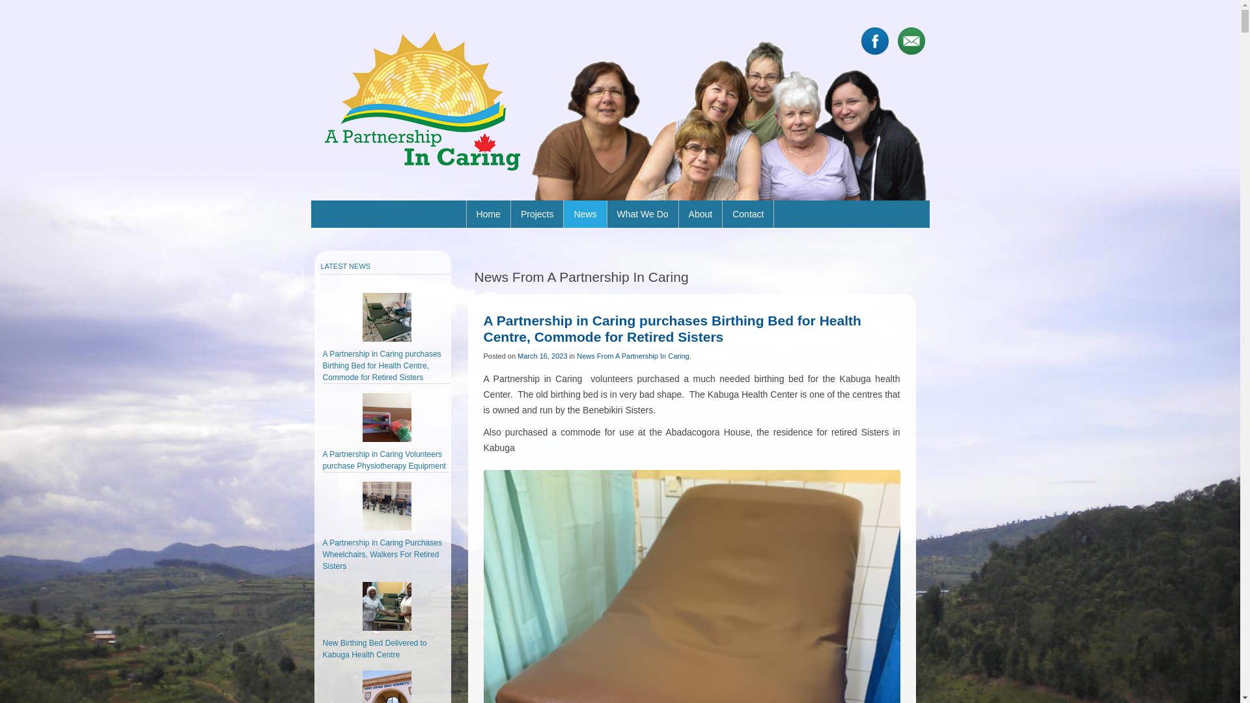  What do you see at coordinates (860, 40) in the screenshot?
I see `'Follow A Partnership In Caring on Facebook'` at bounding box center [860, 40].